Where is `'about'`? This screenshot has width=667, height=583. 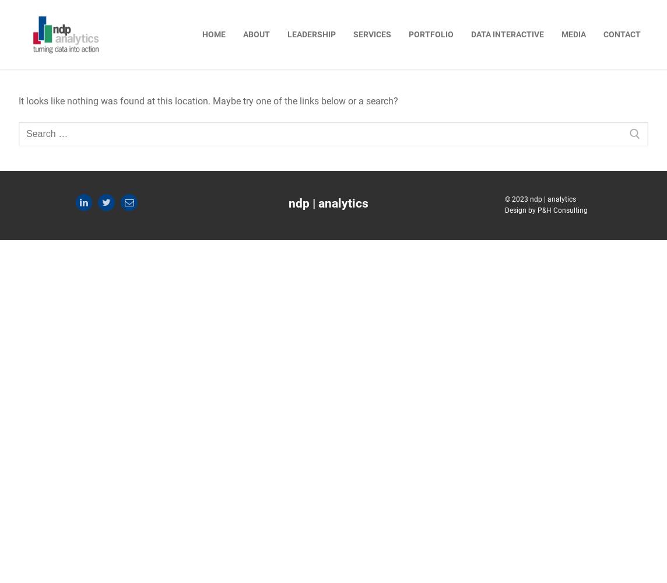 'about' is located at coordinates (255, 34).